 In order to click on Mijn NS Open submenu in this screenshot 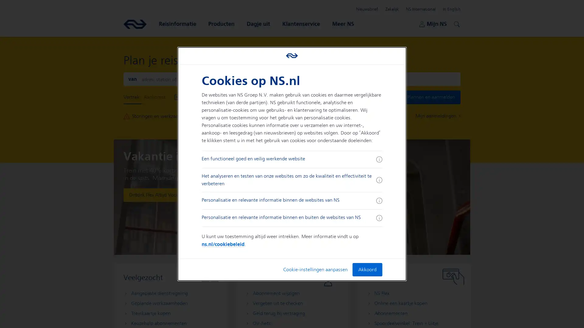, I will do `click(433, 23)`.